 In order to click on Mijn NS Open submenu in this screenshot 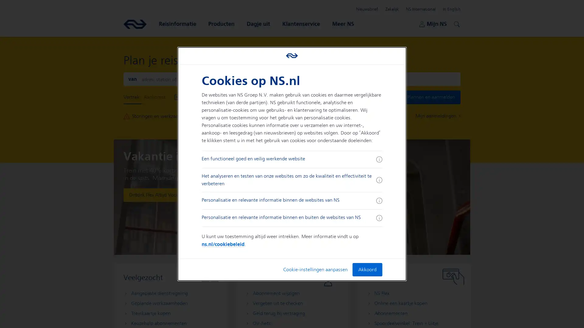, I will do `click(433, 23)`.